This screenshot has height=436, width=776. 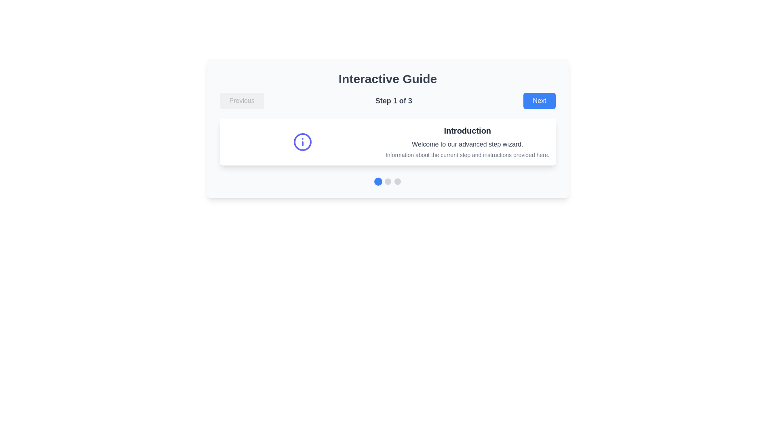 I want to click on the disabled 'Previous' button, which is the first in a horizontal group of three elements, indicating navigation to the previous step is currently not possible, so click(x=241, y=101).